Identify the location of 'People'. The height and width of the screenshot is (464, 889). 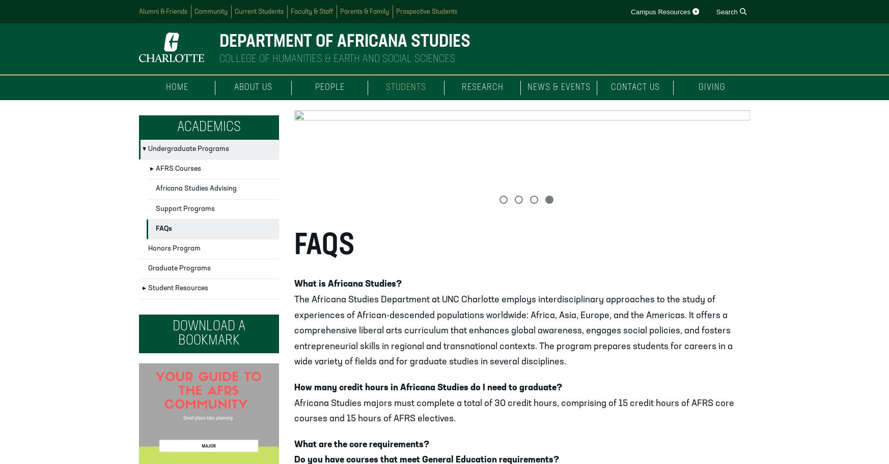
(329, 87).